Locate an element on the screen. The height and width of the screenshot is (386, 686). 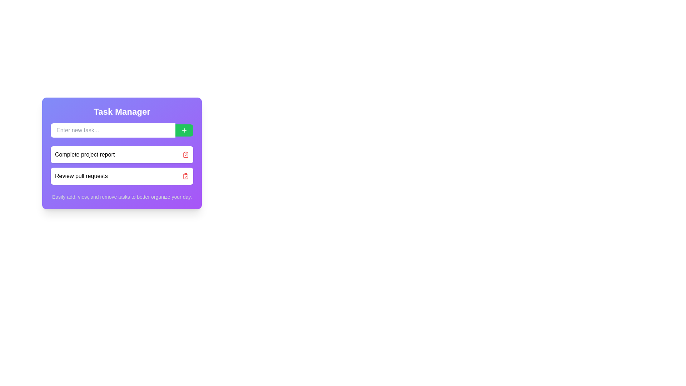
the plus sign icon with a rounded style located within a green button in the top-right corner of the task manager interface is located at coordinates (184, 130).